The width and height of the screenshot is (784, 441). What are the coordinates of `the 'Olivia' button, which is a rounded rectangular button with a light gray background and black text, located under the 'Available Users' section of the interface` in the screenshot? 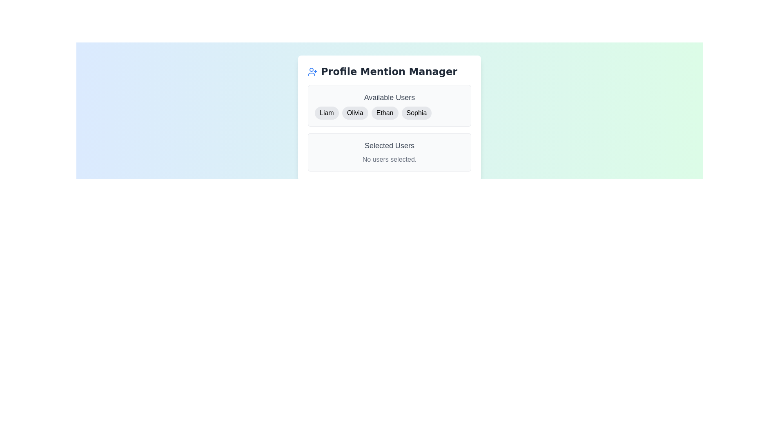 It's located at (355, 113).